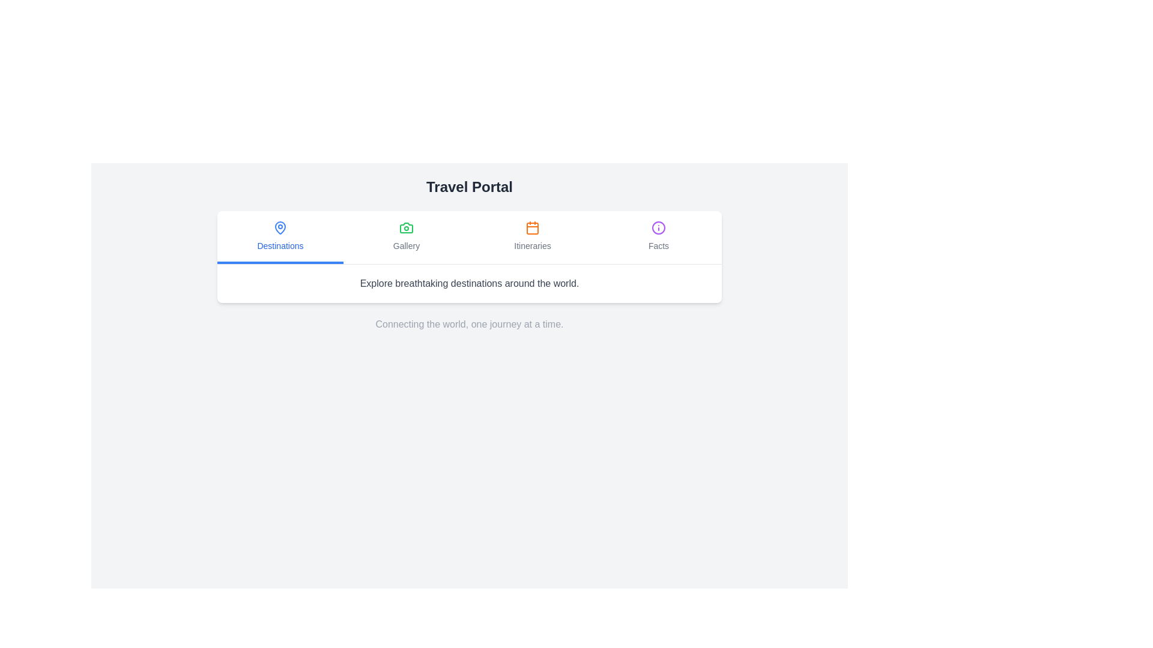 The width and height of the screenshot is (1153, 648). Describe the element at coordinates (469, 324) in the screenshot. I see `the static text component located beneath the section describing breathtaking destinations` at that location.